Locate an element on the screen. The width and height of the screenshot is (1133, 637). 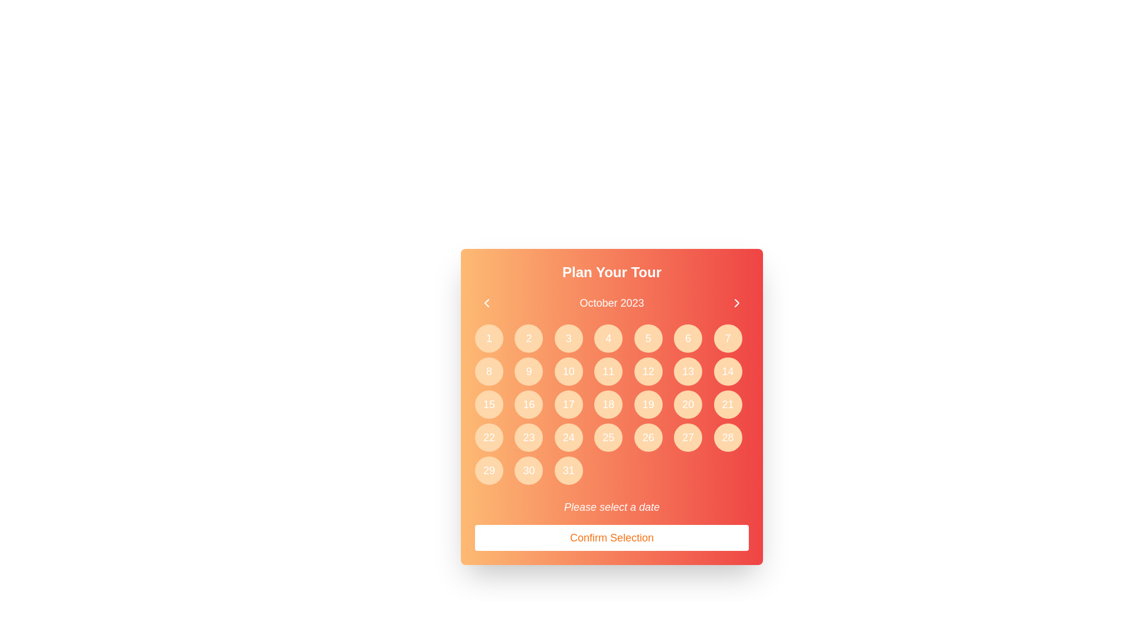
the button representing the date '21' in the calendar is located at coordinates (727, 404).